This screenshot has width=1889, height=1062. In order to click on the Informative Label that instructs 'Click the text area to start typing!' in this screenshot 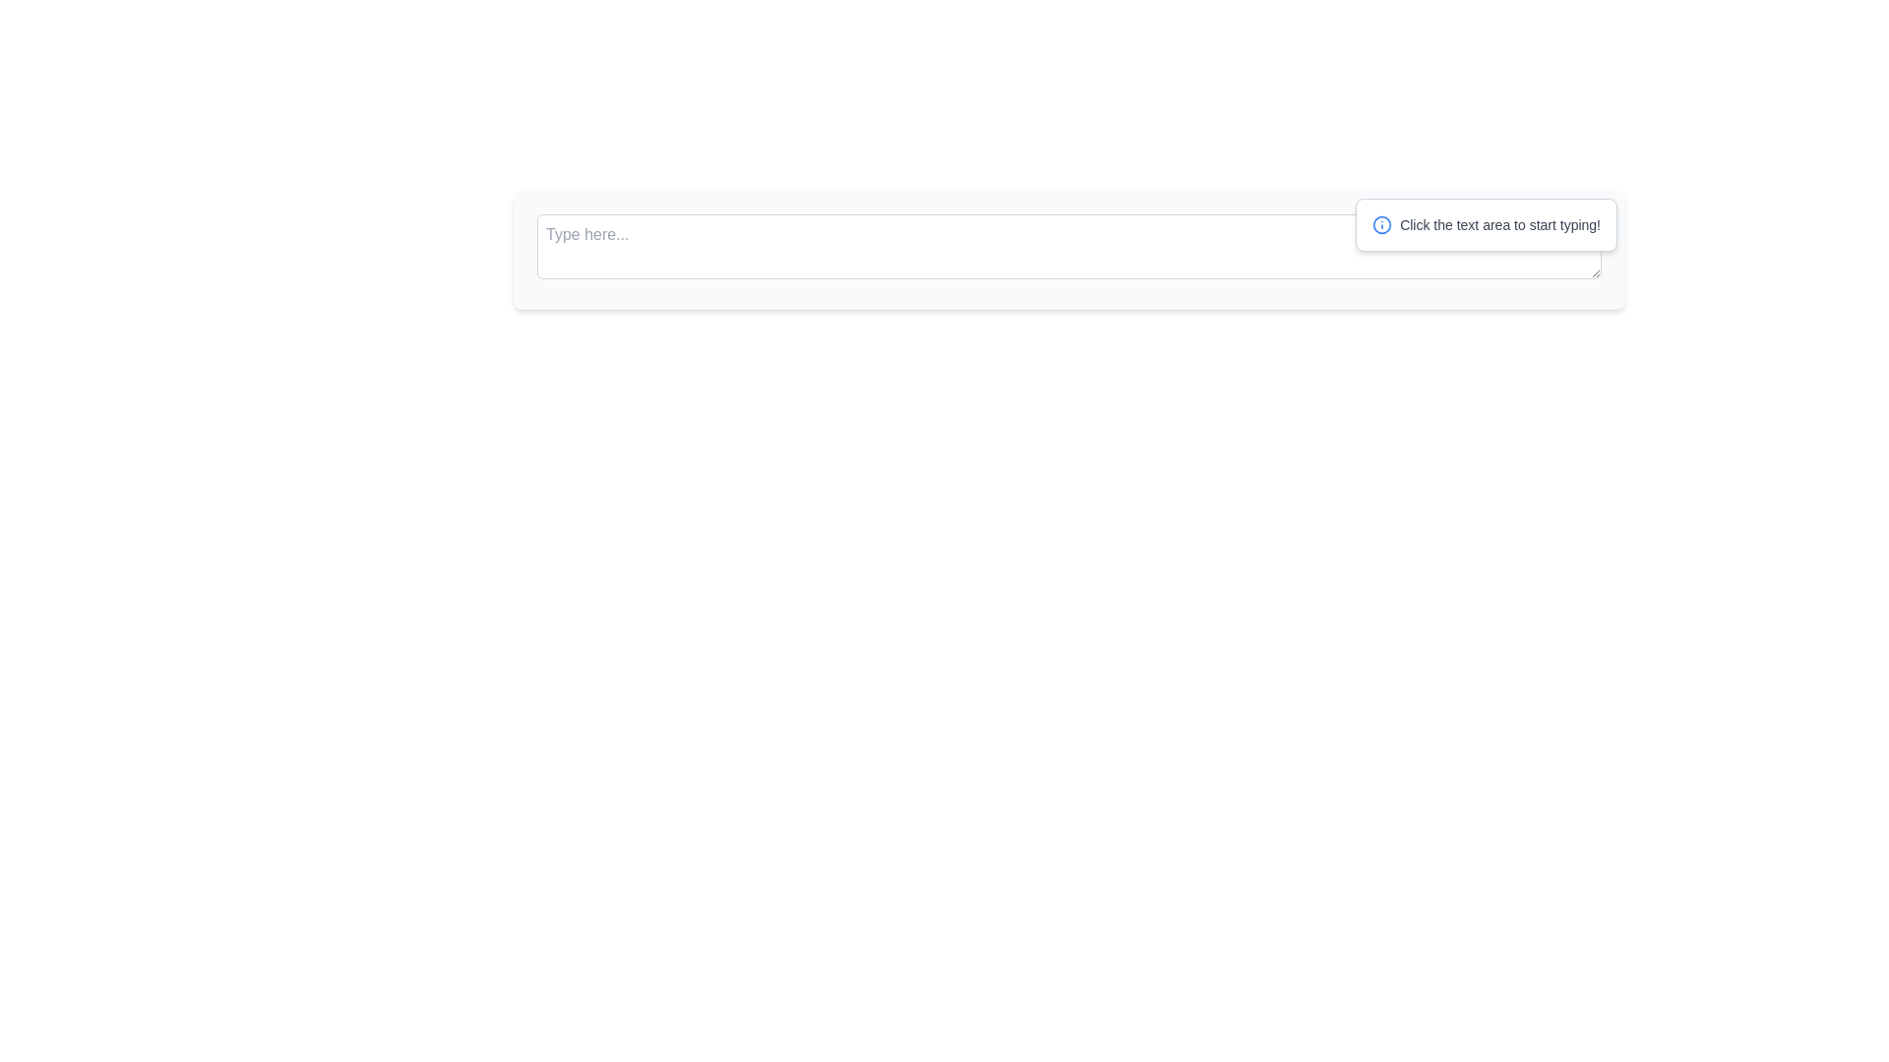, I will do `click(1487, 223)`.